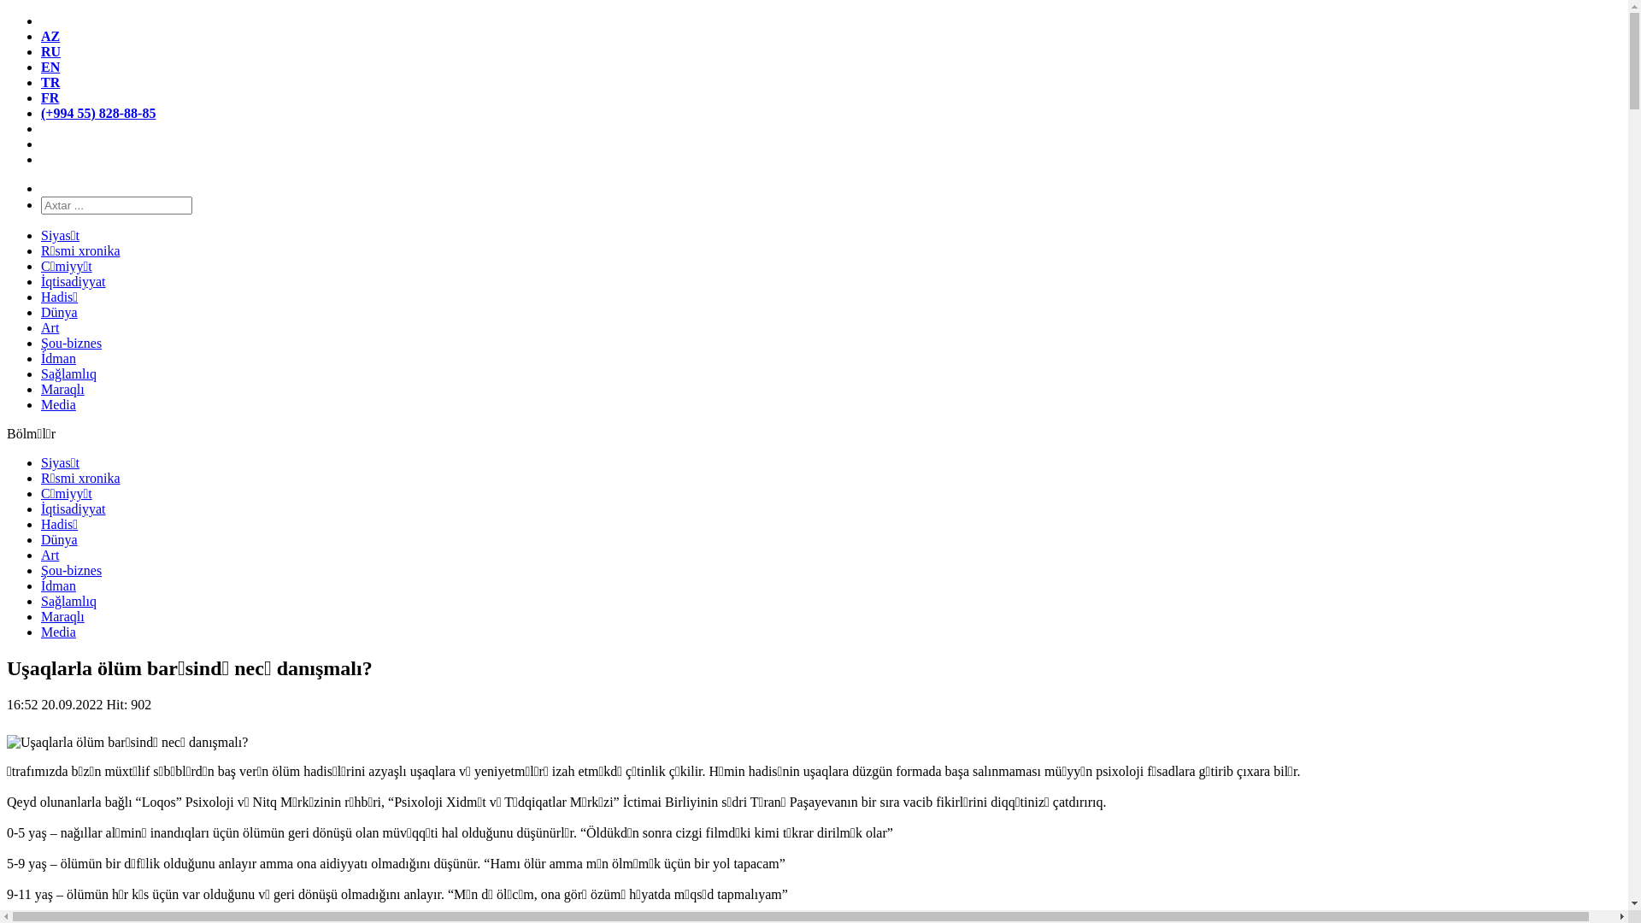  Describe the element at coordinates (50, 327) in the screenshot. I see `'Art'` at that location.